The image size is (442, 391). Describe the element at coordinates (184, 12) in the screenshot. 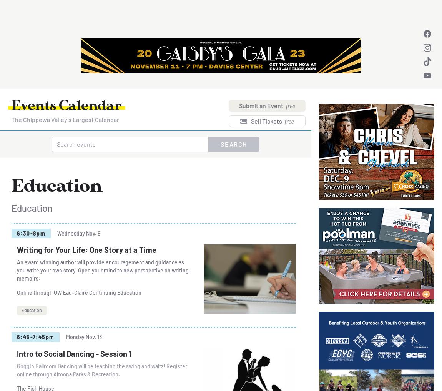

I see `'Deals'` at that location.